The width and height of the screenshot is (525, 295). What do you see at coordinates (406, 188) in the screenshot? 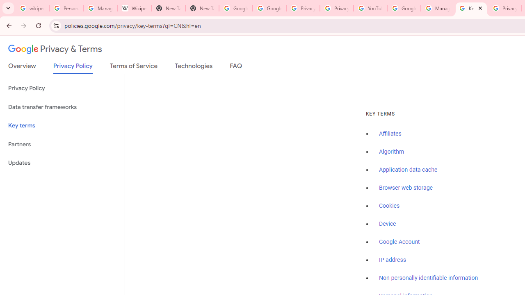
I see `'Browser web storage'` at bounding box center [406, 188].